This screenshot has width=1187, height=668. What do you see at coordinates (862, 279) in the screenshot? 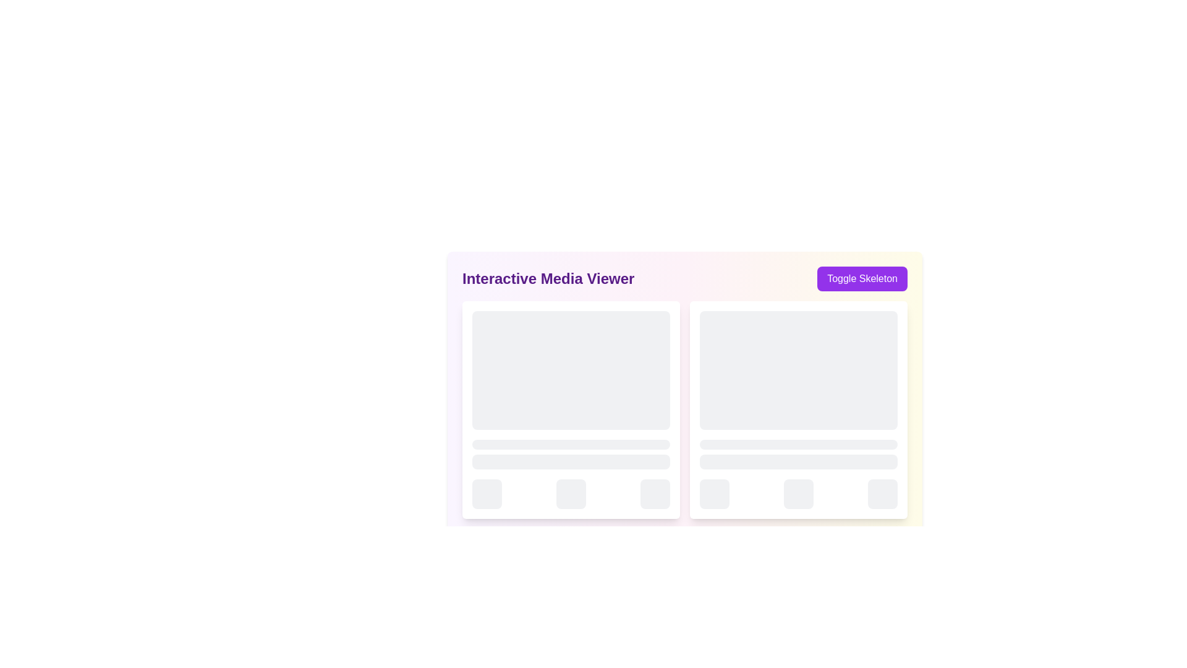
I see `the purple rectangular button labeled 'Toggle Skeleton'` at bounding box center [862, 279].